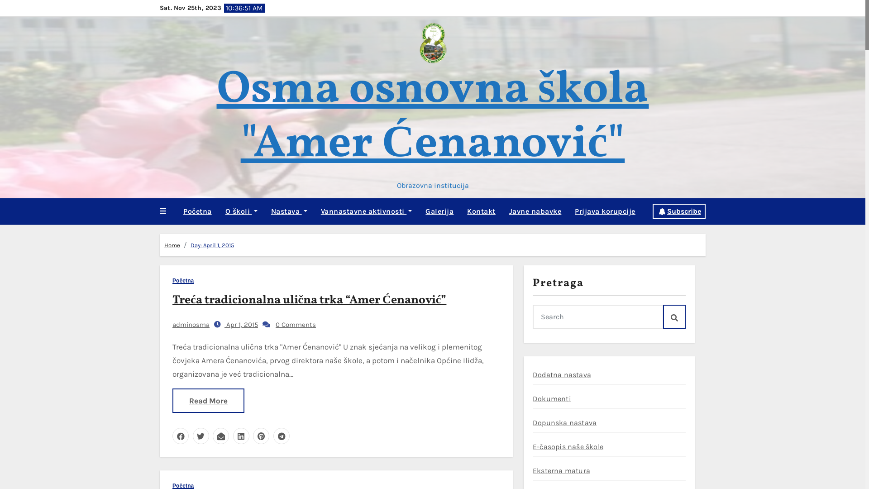 Image resolution: width=869 pixels, height=489 pixels. What do you see at coordinates (535, 211) in the screenshot?
I see `'Javne nabavke'` at bounding box center [535, 211].